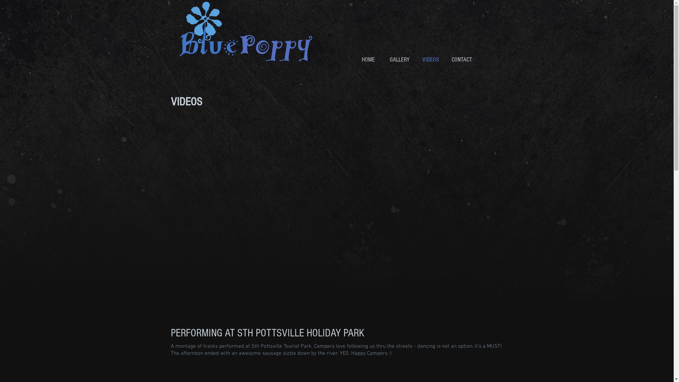  Describe the element at coordinates (179, 31) in the screenshot. I see `'blue%2520logo%2520no%2520roving%2520ent_'` at that location.